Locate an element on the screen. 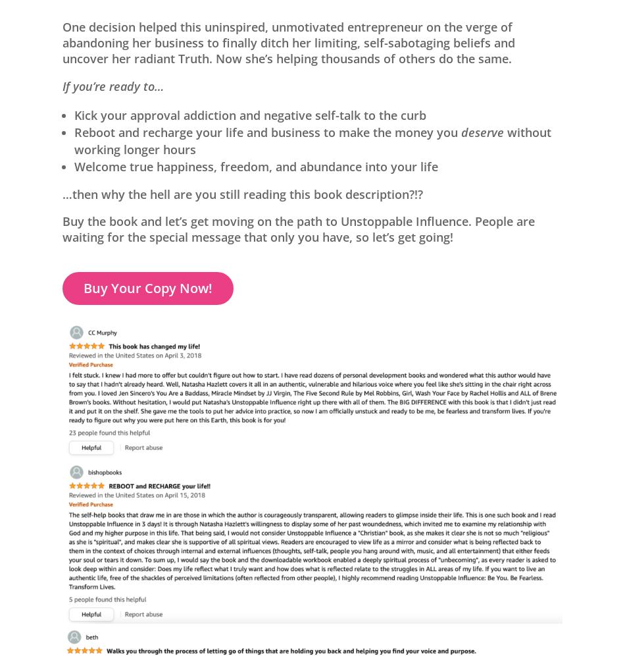 This screenshot has width=625, height=656. 'Buy the book and let’s get moving on the path to Unstoppable Influence. People are waiting for the special message that only you have, so let’s get going!' is located at coordinates (63, 229).